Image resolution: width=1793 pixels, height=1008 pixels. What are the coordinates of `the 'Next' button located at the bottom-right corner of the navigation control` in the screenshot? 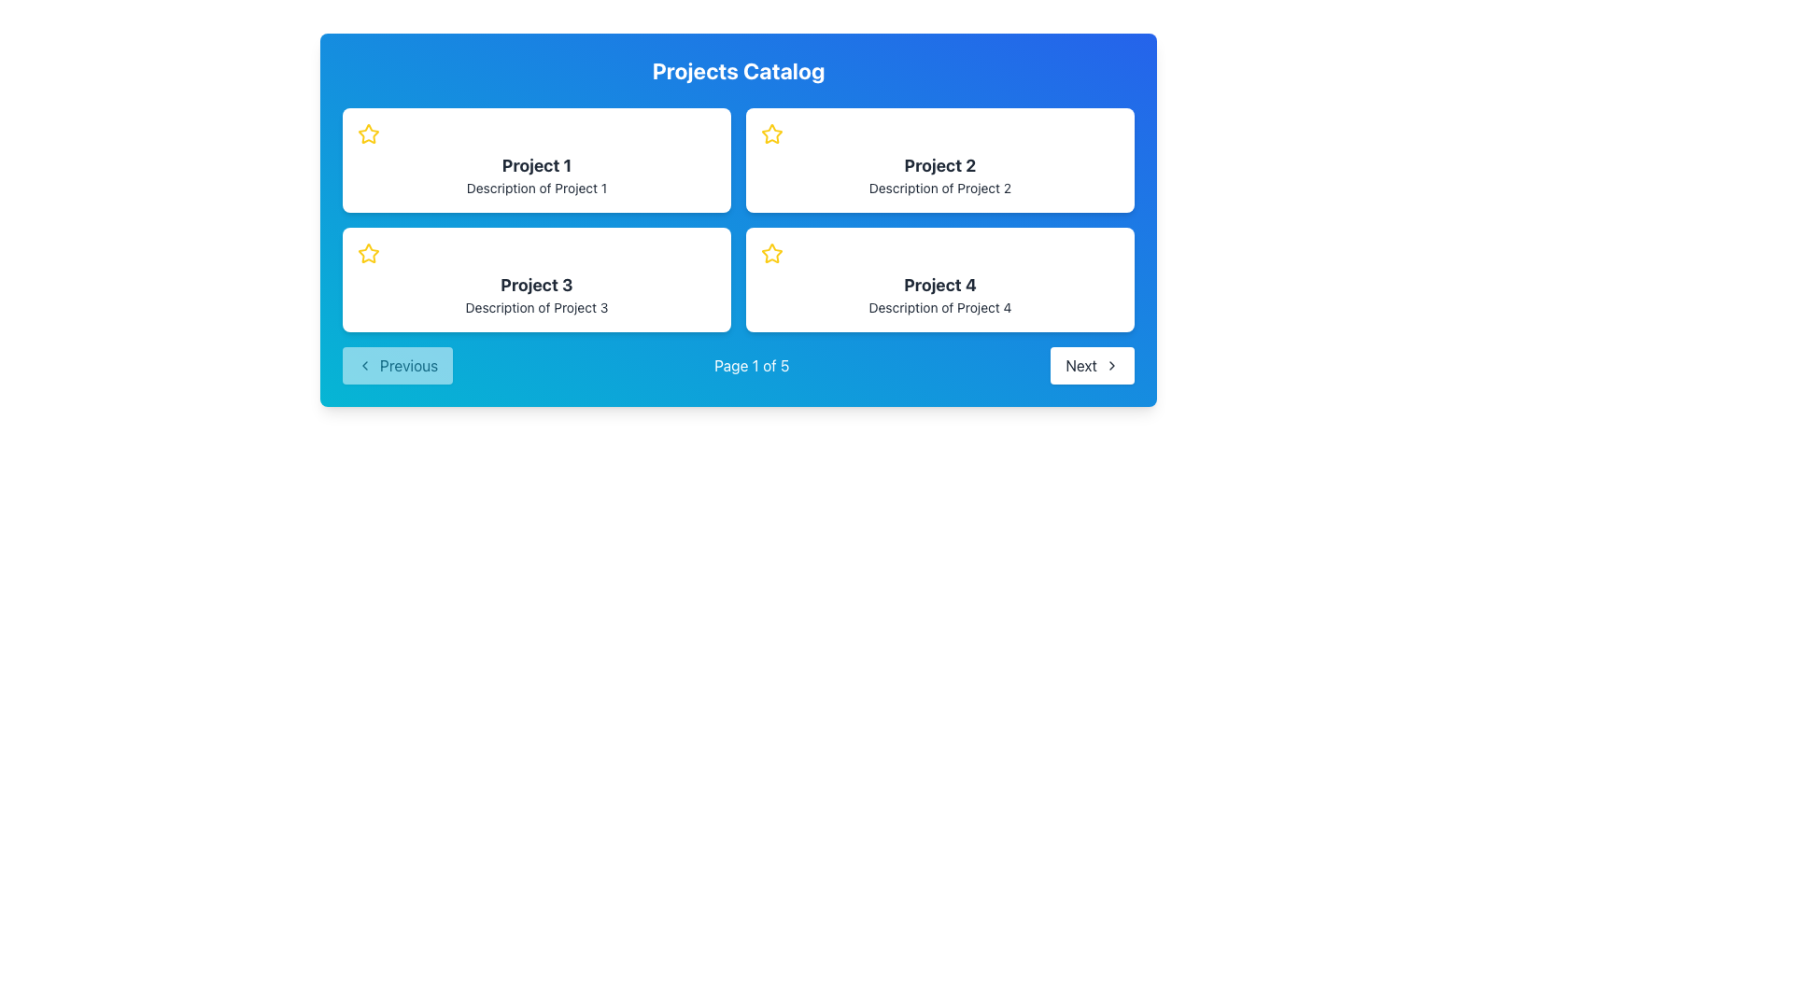 It's located at (1093, 366).